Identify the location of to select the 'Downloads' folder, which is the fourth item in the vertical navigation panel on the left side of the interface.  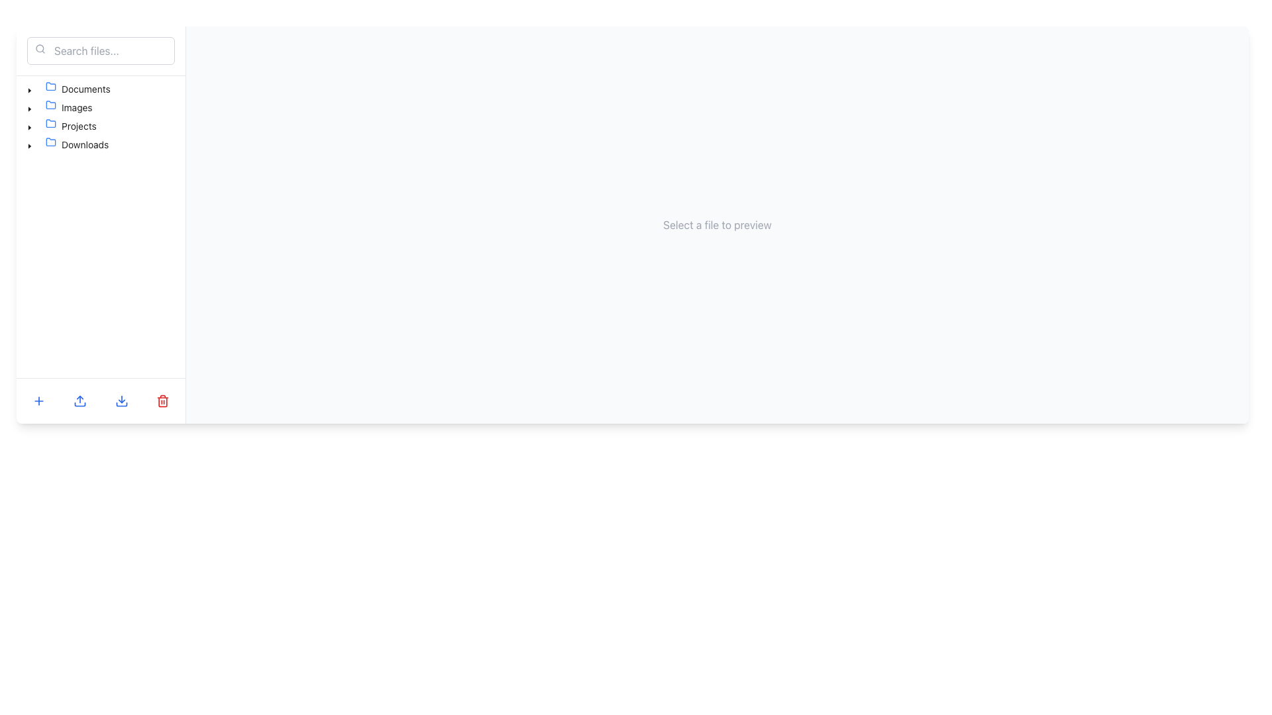
(76, 145).